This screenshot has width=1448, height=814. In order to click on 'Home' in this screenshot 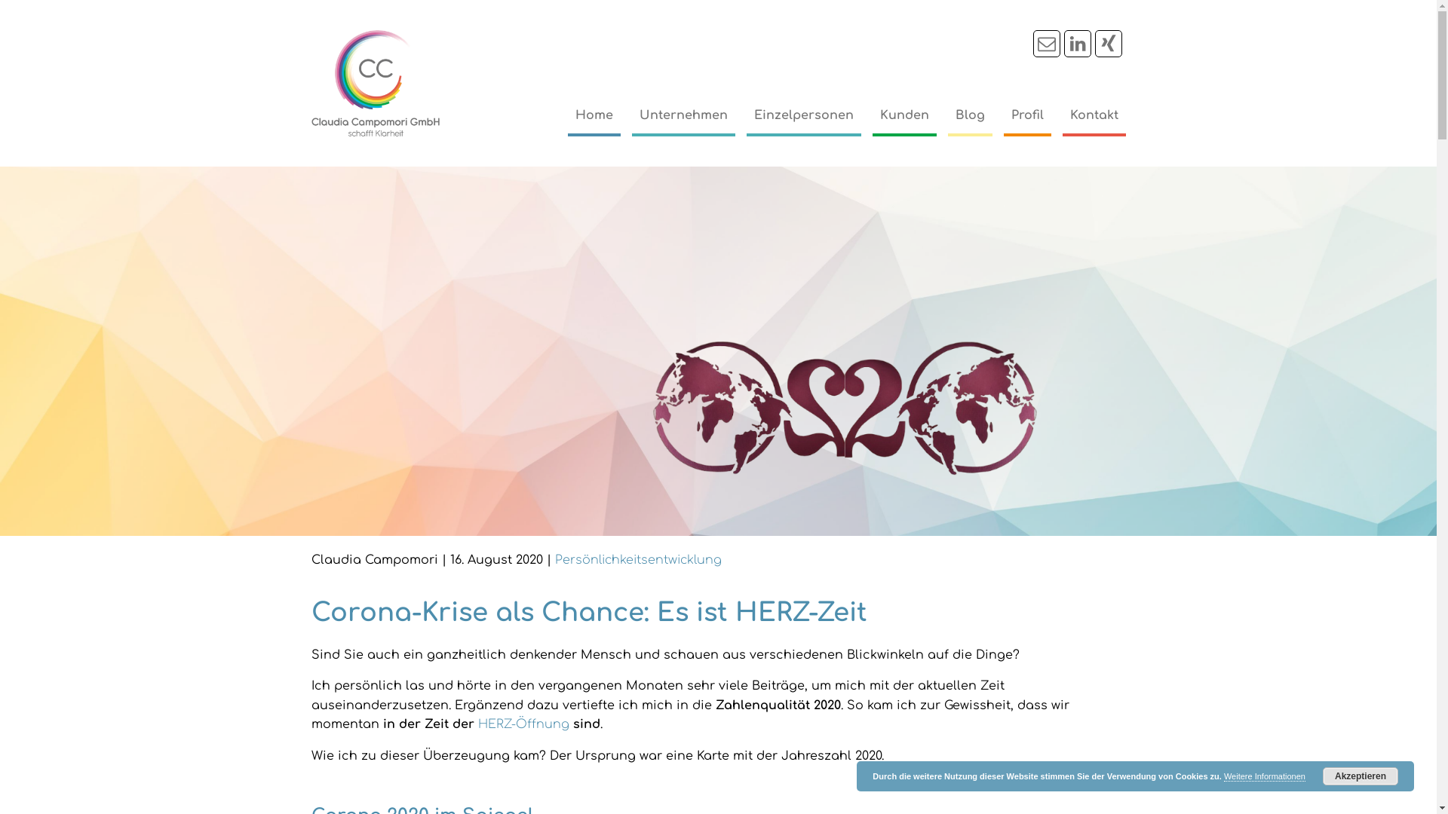, I will do `click(593, 115)`.